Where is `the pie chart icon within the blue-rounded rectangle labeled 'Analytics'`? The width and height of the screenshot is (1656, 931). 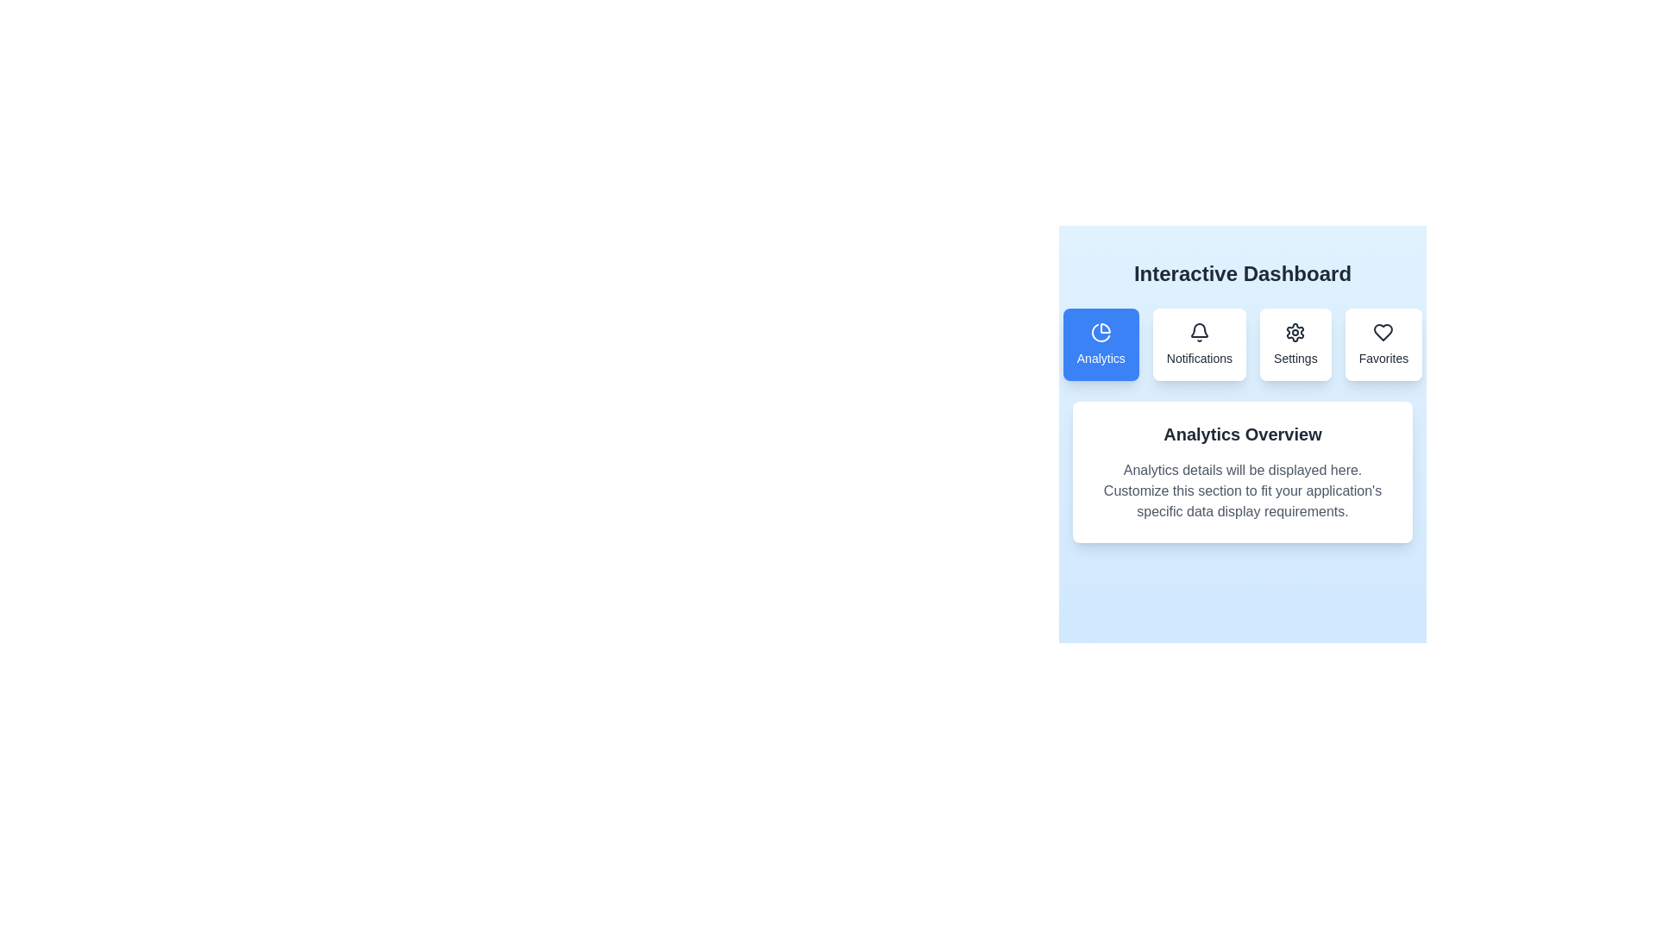 the pie chart icon within the blue-rounded rectangle labeled 'Analytics' is located at coordinates (1100, 332).